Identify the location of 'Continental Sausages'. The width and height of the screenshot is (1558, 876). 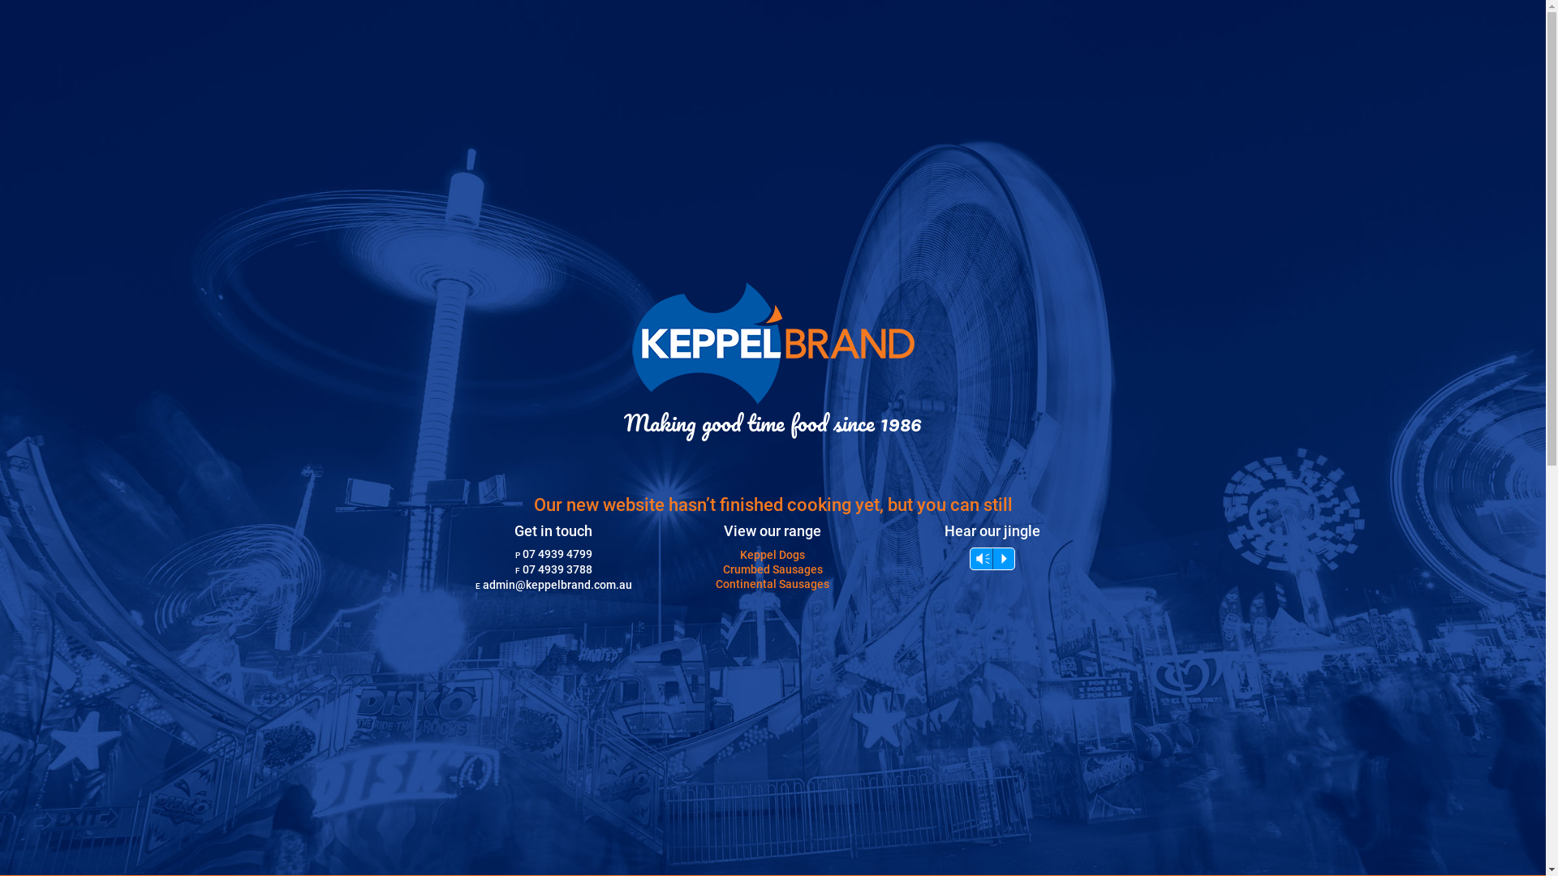
(715, 584).